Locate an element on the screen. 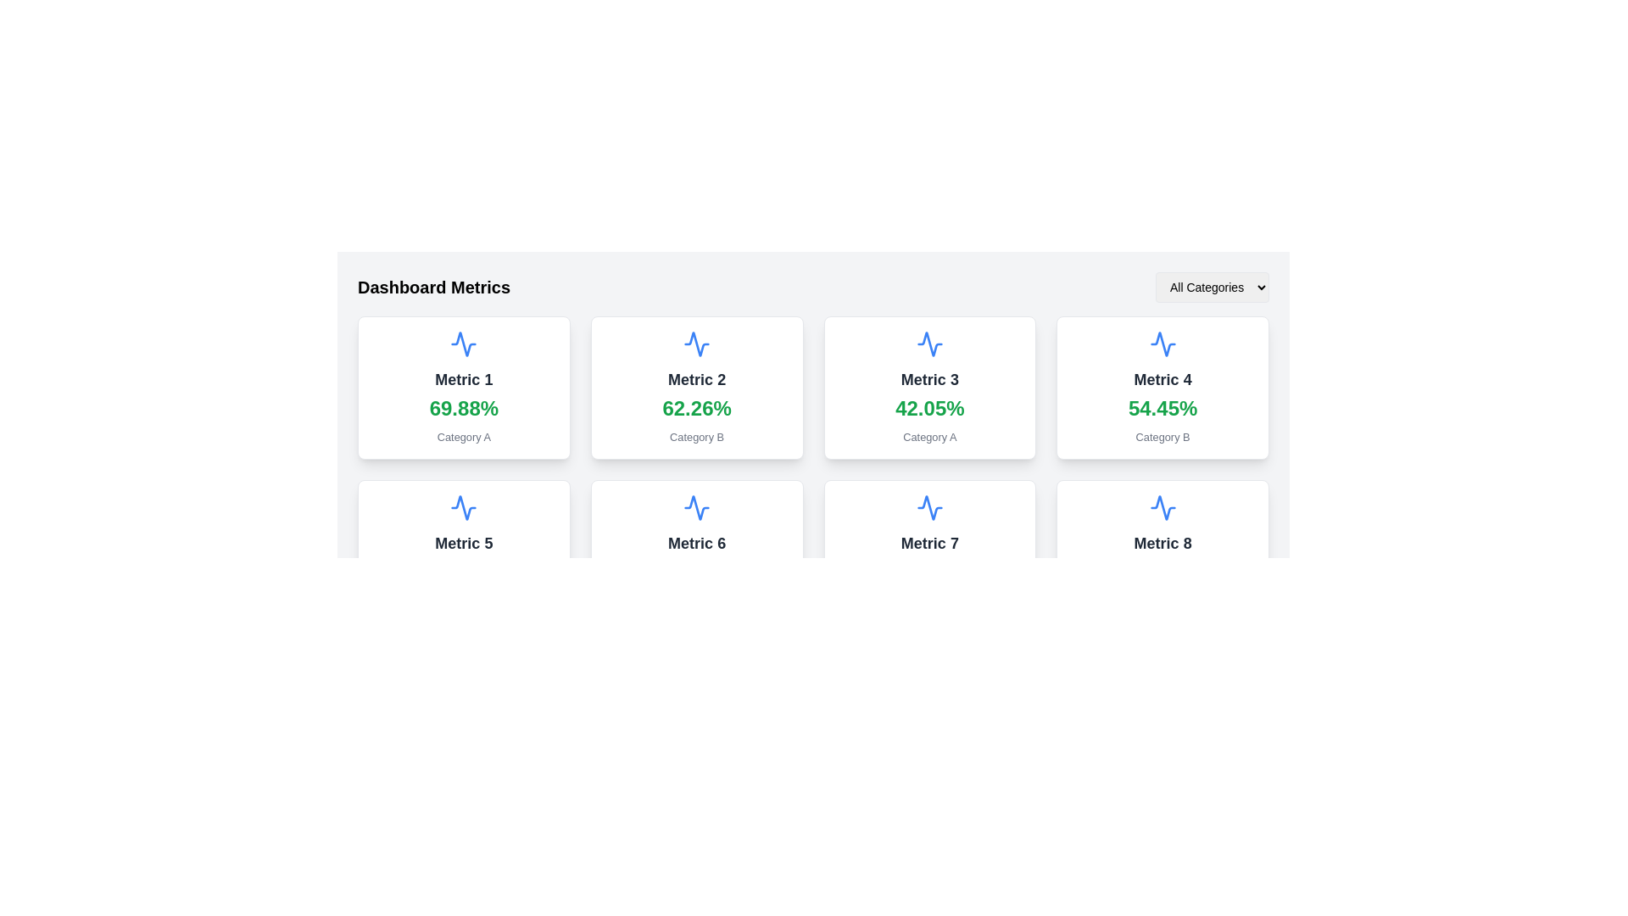 This screenshot has width=1628, height=916. the decorative icon located at the top of the 'Metric 1' card, which visually indicates the metric represented by the card is located at coordinates (464, 343).